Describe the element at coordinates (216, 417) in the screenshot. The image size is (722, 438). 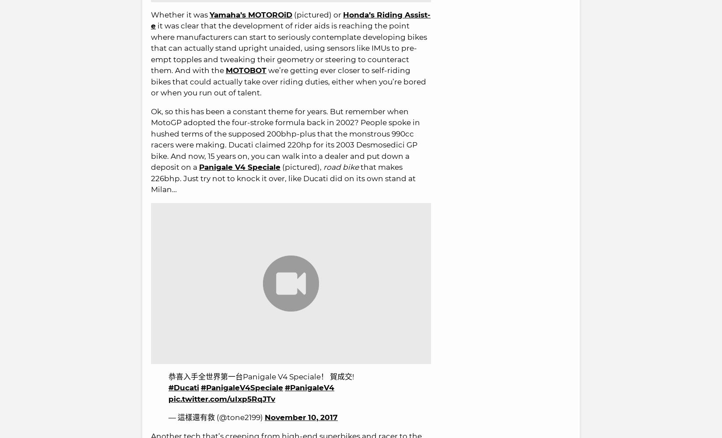
I see `'— 這樣還有救 (@tone2199)'` at that location.